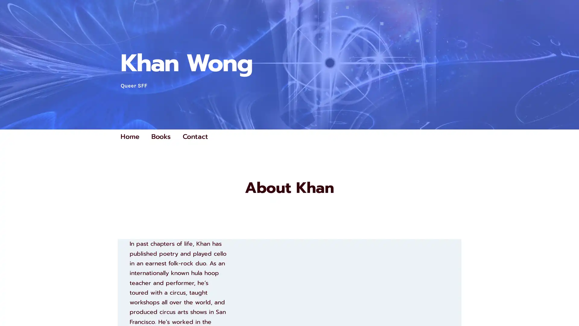 This screenshot has height=326, width=579. What do you see at coordinates (567, 305) in the screenshot?
I see `Scroll to top` at bounding box center [567, 305].